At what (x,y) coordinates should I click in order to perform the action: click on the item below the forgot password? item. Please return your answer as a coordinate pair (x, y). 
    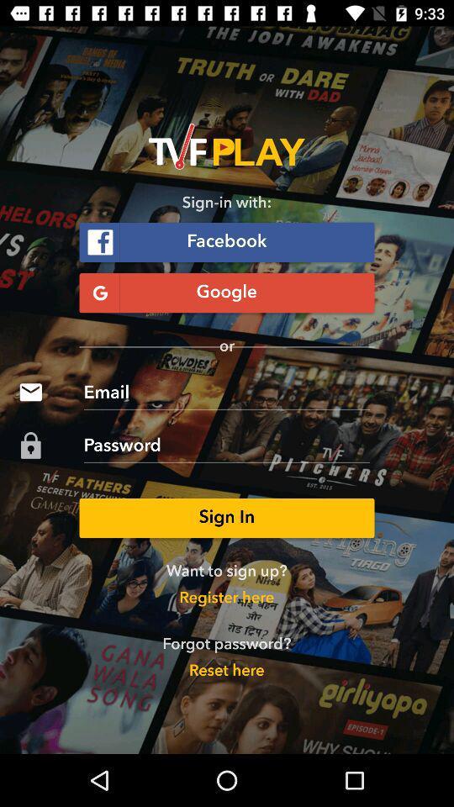
    Looking at the image, I should click on (226, 671).